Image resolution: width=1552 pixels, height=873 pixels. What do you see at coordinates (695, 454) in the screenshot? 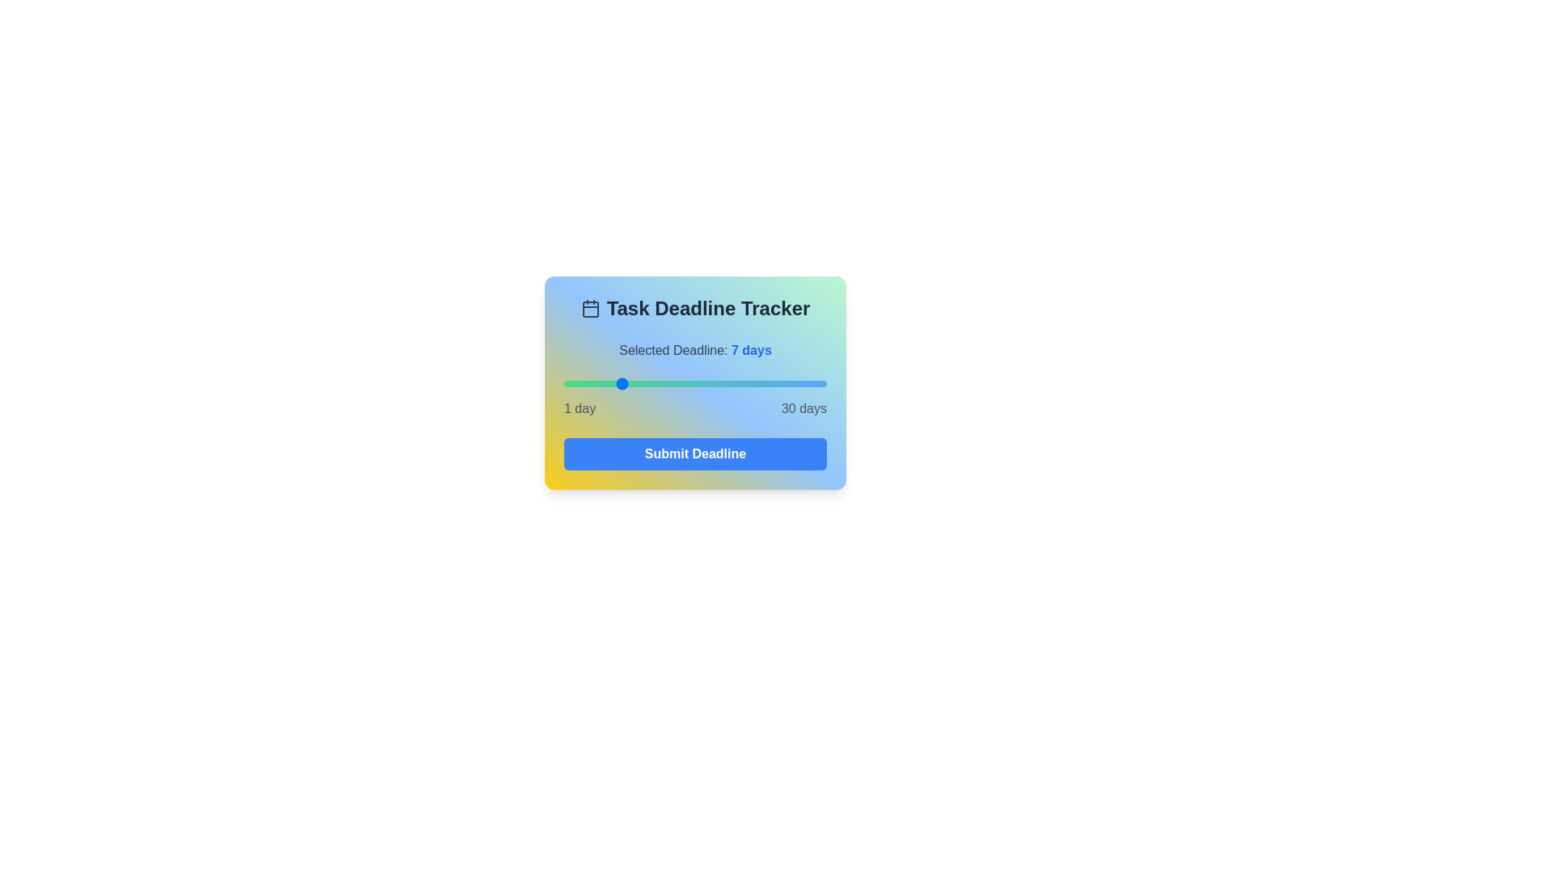
I see `the 'Submit Deadline' button to finalize the selected deadline` at bounding box center [695, 454].